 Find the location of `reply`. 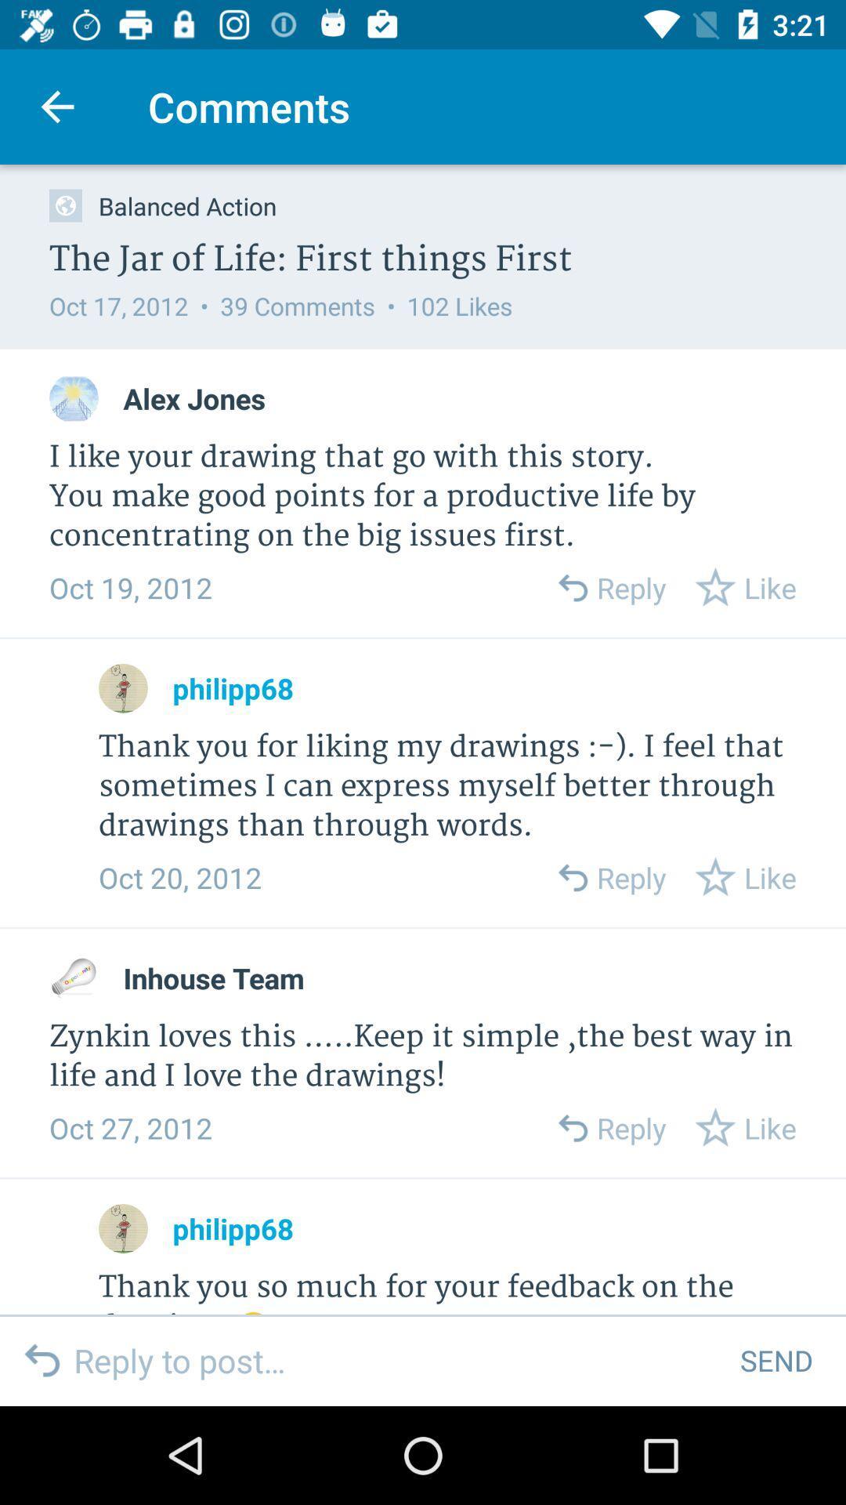

reply is located at coordinates (572, 876).